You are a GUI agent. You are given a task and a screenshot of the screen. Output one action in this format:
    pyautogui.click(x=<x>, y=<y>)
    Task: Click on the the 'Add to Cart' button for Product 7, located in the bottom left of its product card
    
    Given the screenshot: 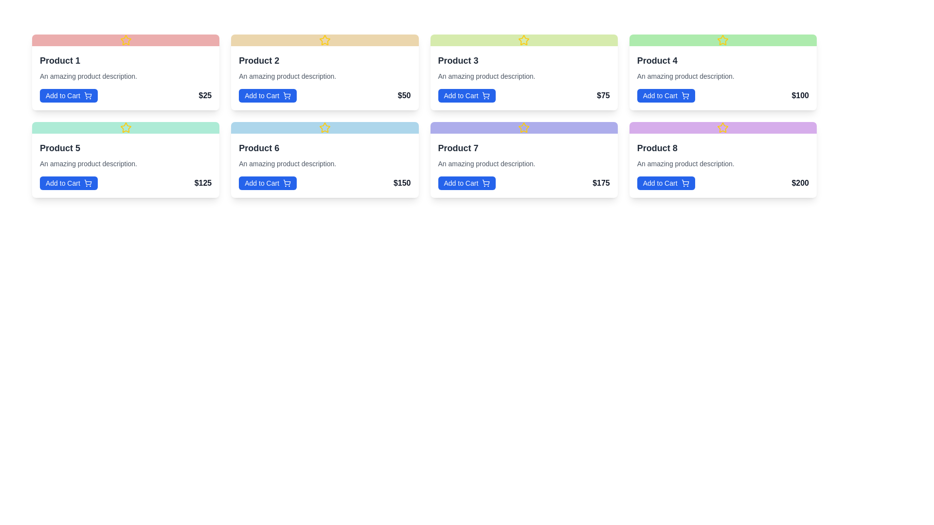 What is the action you would take?
    pyautogui.click(x=467, y=183)
    